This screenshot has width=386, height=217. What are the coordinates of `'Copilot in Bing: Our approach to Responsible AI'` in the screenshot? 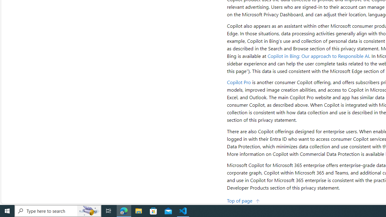 It's located at (318, 56).